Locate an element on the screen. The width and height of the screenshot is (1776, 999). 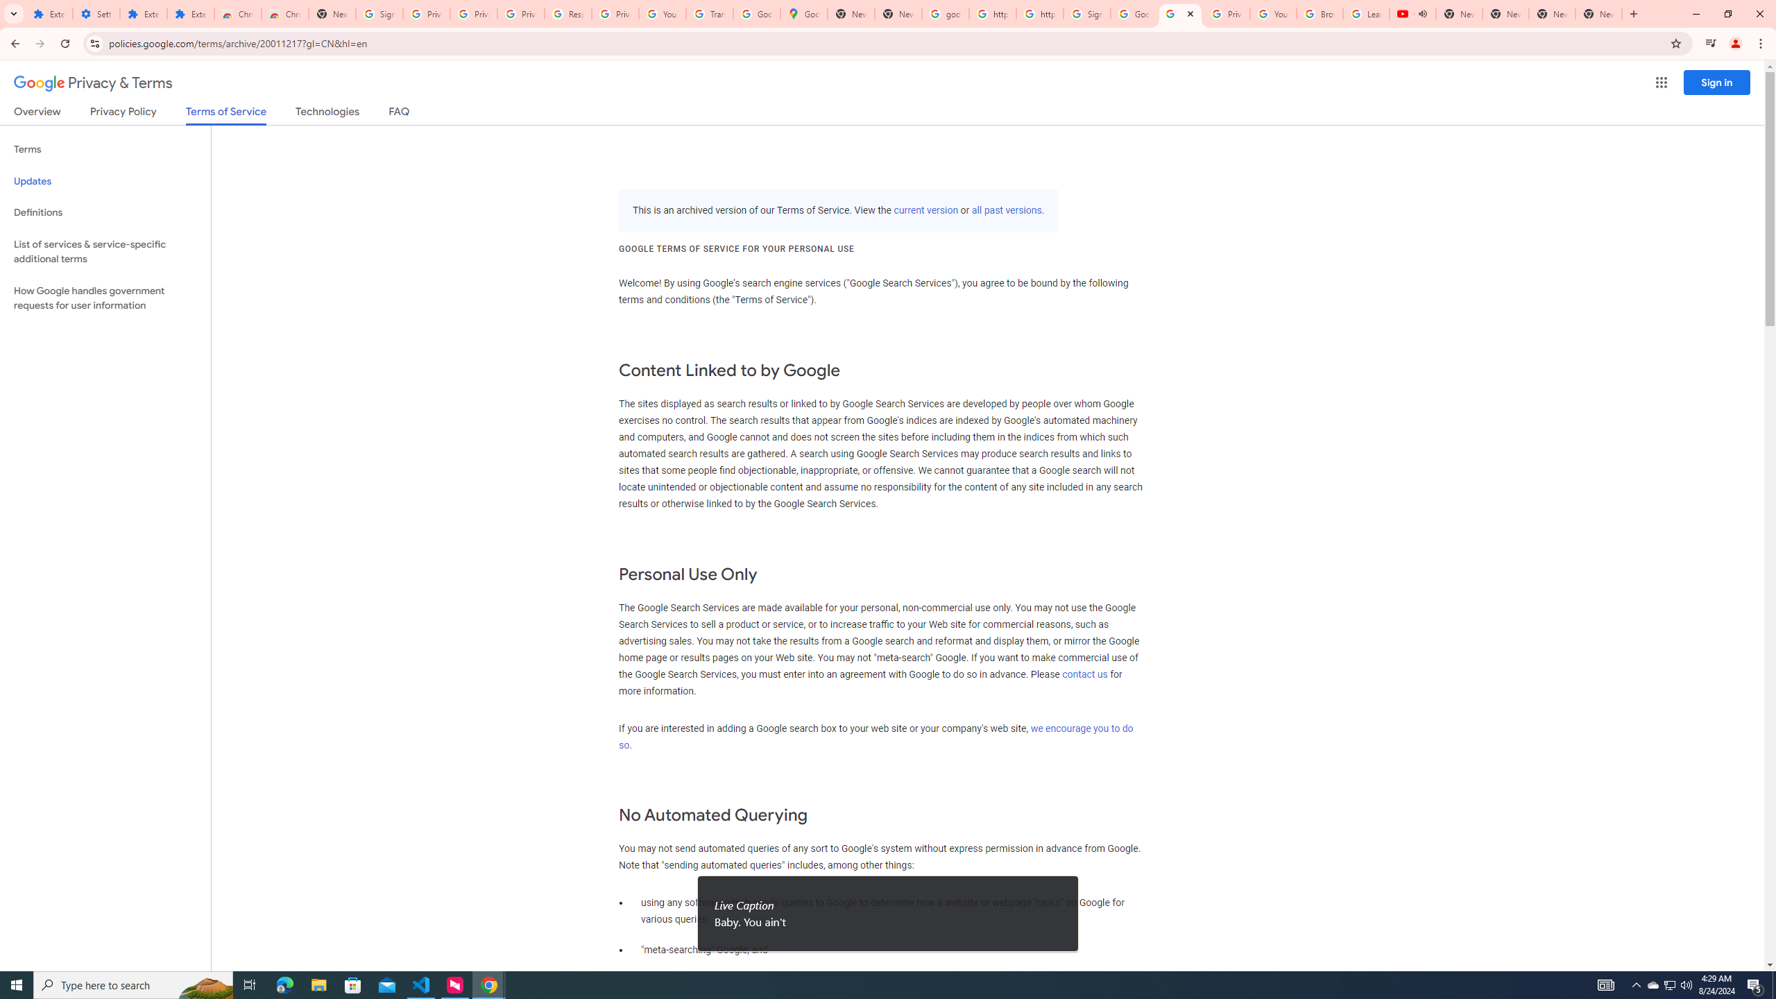
'YouTube' is located at coordinates (1272, 13).